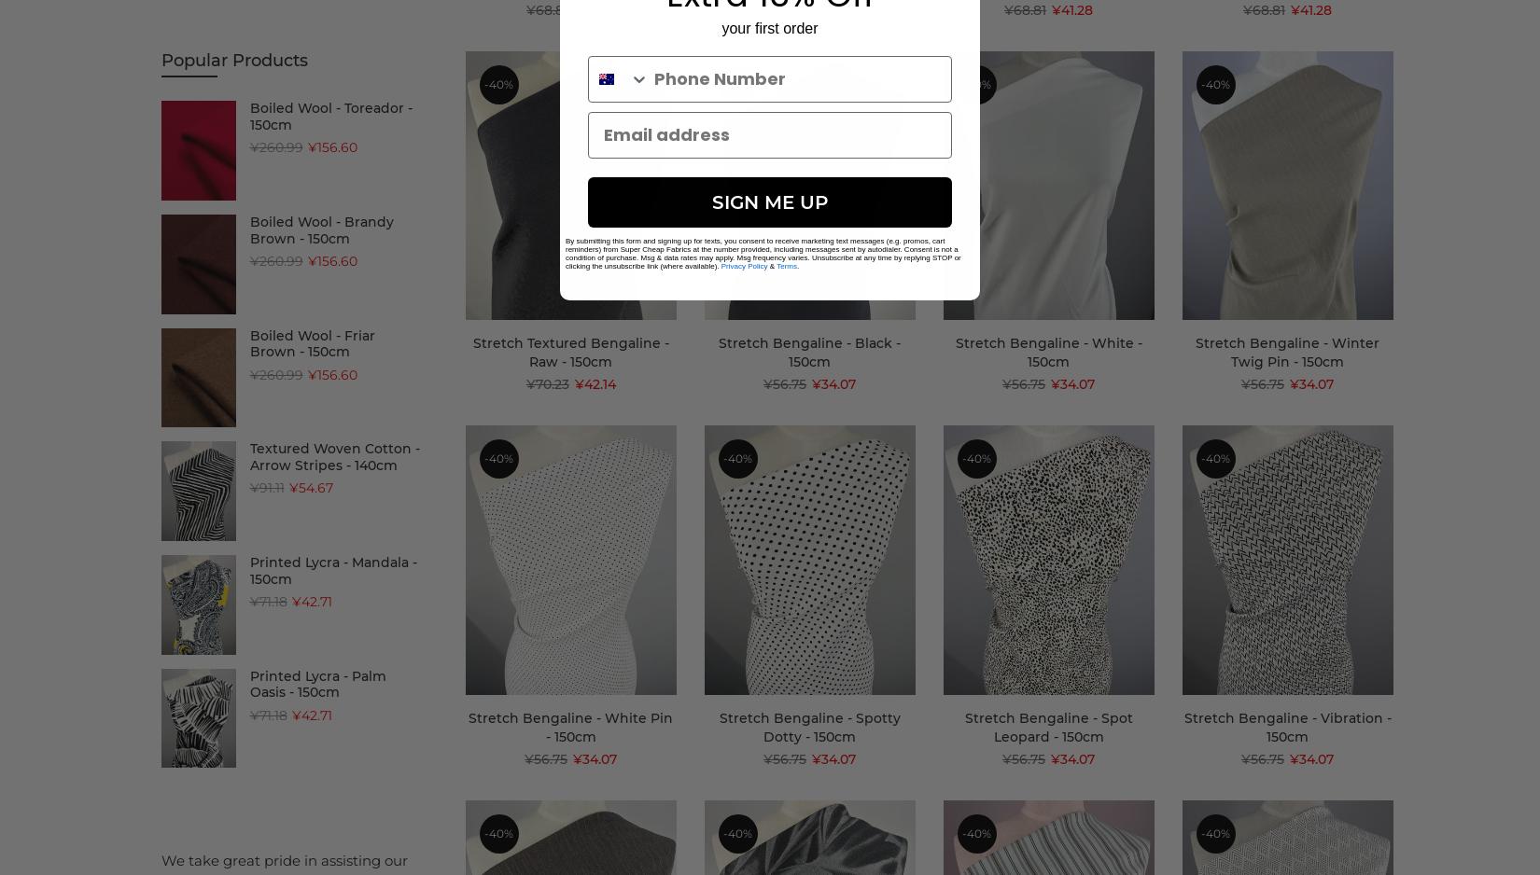  Describe the element at coordinates (233, 60) in the screenshot. I see `'Popular Products'` at that location.